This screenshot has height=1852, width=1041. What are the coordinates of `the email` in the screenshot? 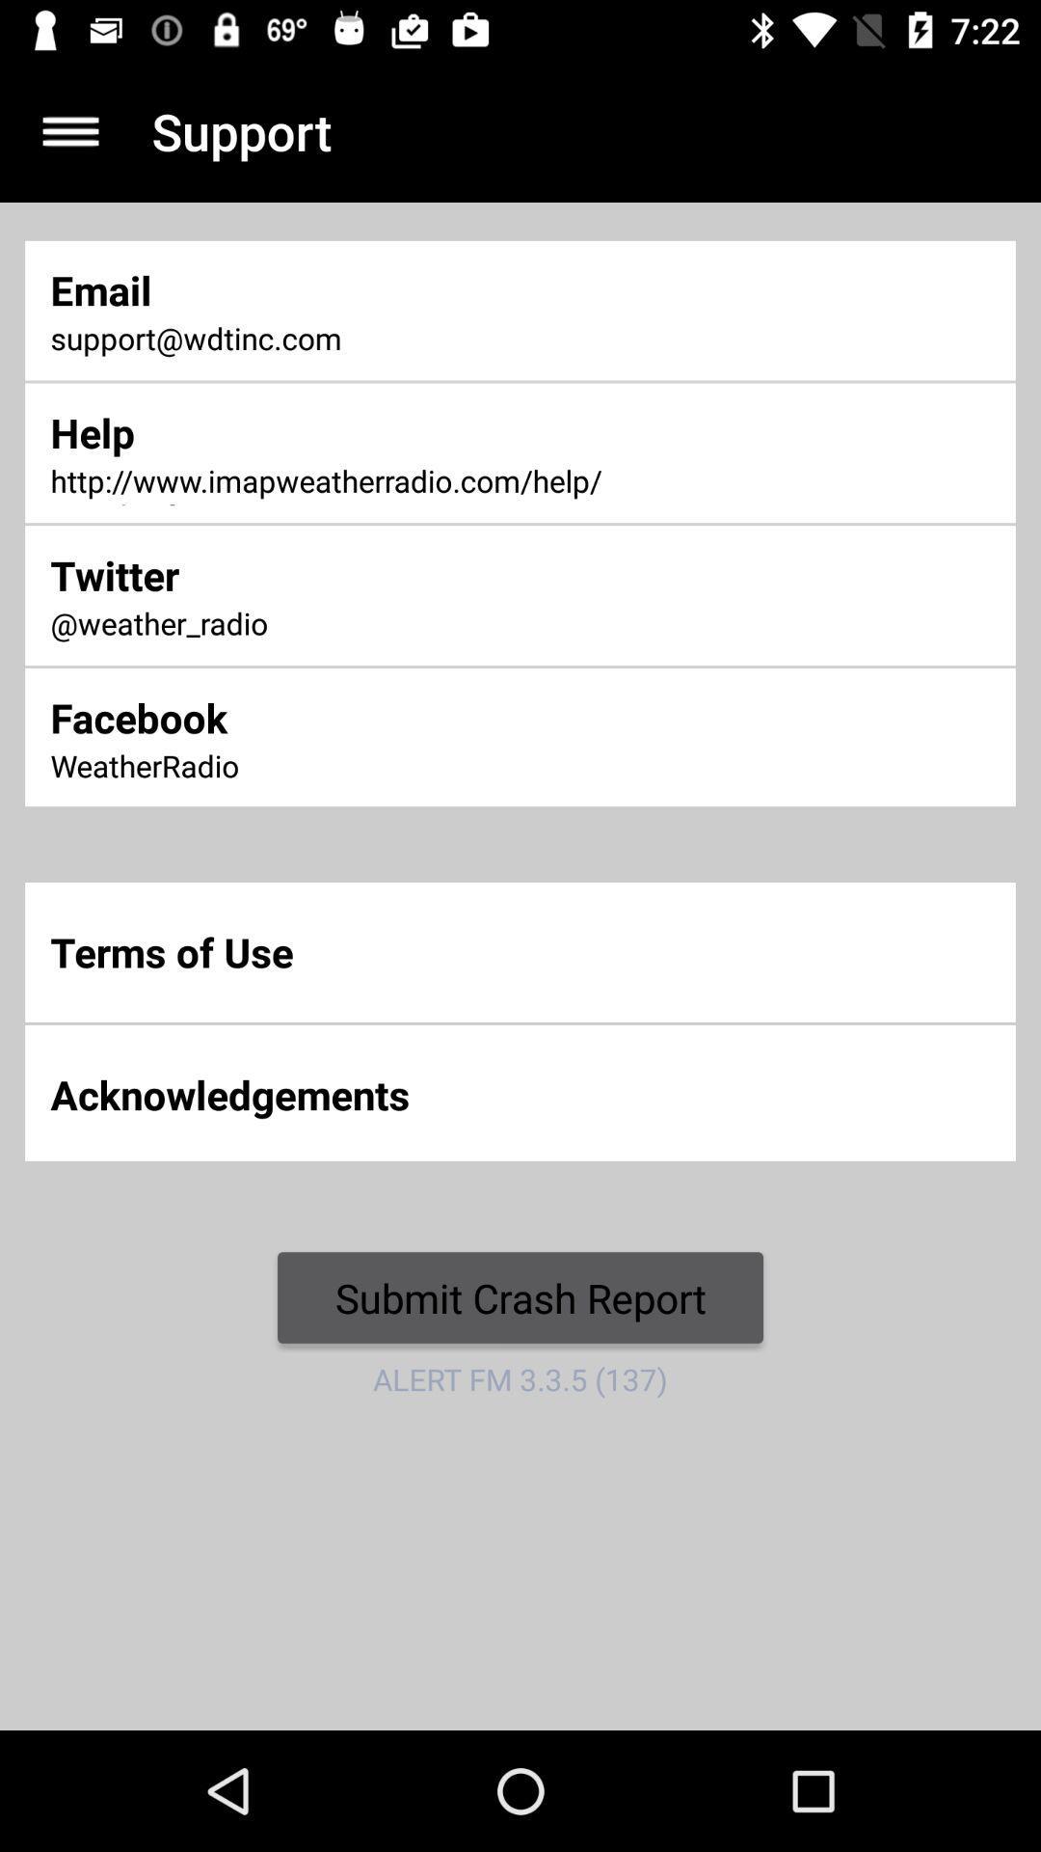 It's located at (345, 288).